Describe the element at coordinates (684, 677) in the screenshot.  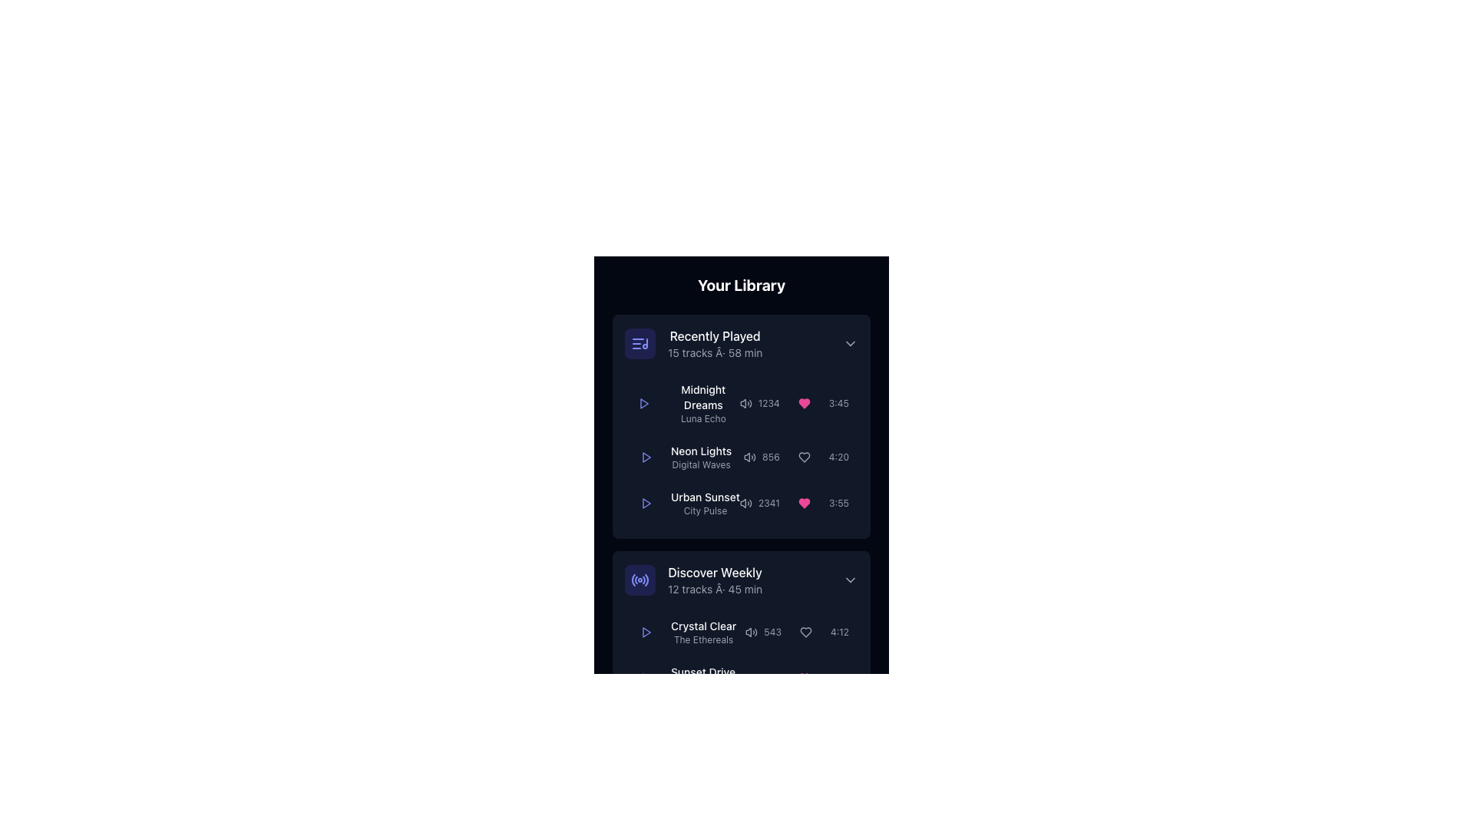
I see `the Text Label displaying track or playlist information under 'Discover Weekly'` at that location.